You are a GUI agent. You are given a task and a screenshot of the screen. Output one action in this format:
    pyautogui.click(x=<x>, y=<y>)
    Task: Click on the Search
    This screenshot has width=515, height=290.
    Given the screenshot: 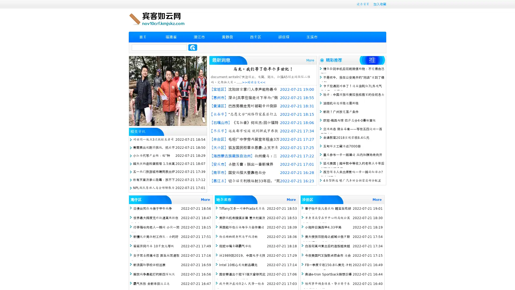 What is the action you would take?
    pyautogui.click(x=193, y=47)
    